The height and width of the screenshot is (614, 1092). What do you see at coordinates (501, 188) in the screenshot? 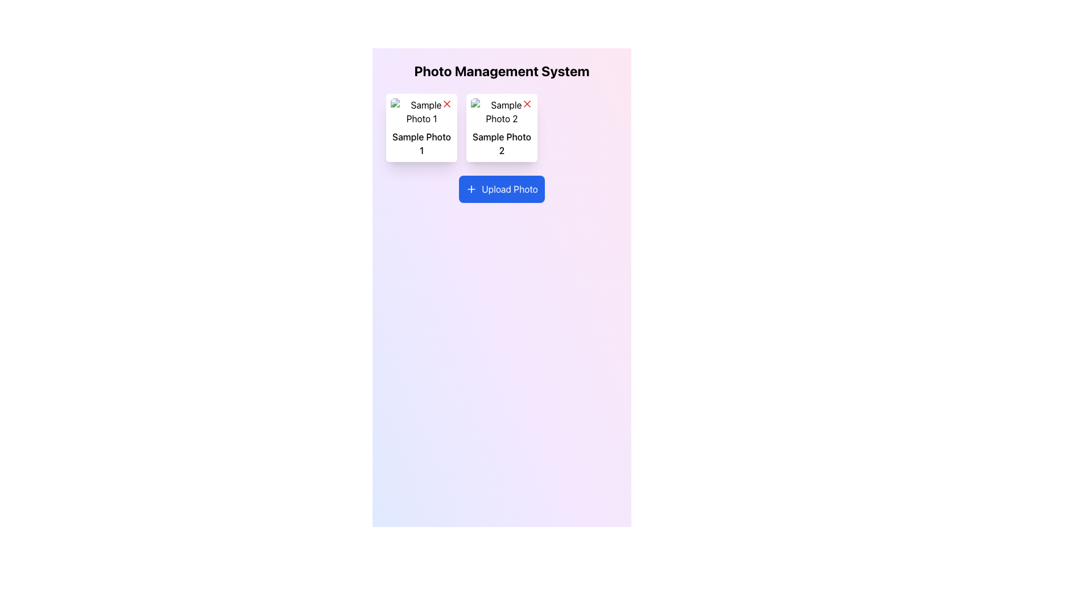
I see `the photo upload button located below the two photo preview cards to initiate the photo upload functionality` at bounding box center [501, 188].